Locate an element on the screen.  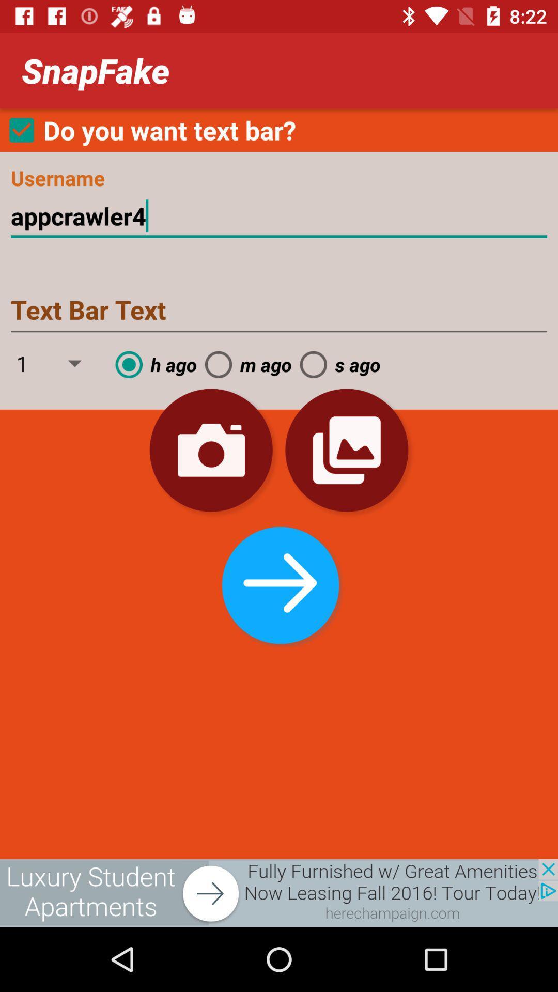
advertisement is located at coordinates (279, 892).